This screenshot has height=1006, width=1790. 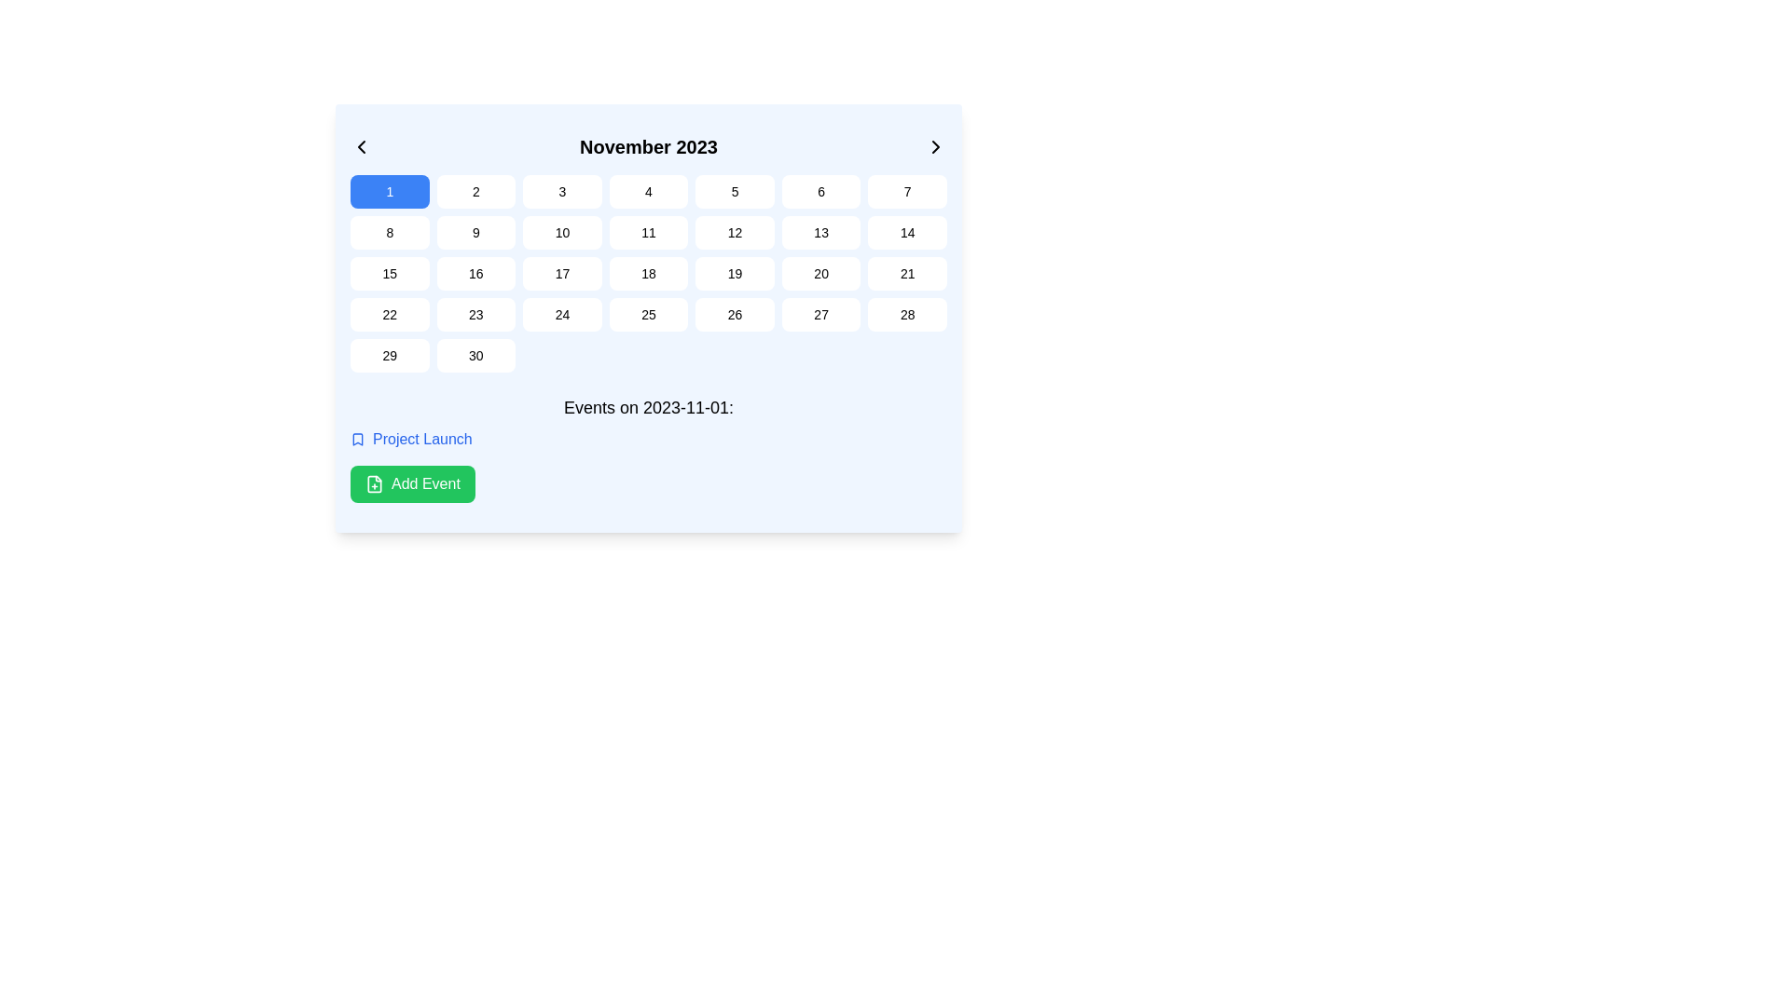 What do you see at coordinates (649, 318) in the screenshot?
I see `the date in the Calendar Widget` at bounding box center [649, 318].